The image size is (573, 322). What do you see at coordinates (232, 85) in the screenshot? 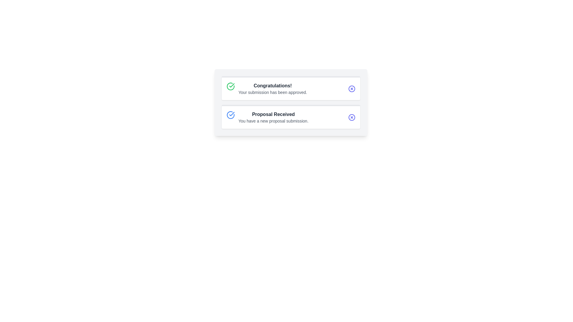
I see `the green circular icon that indicates a completed or successful action in the top-left corner of the first notification card` at bounding box center [232, 85].